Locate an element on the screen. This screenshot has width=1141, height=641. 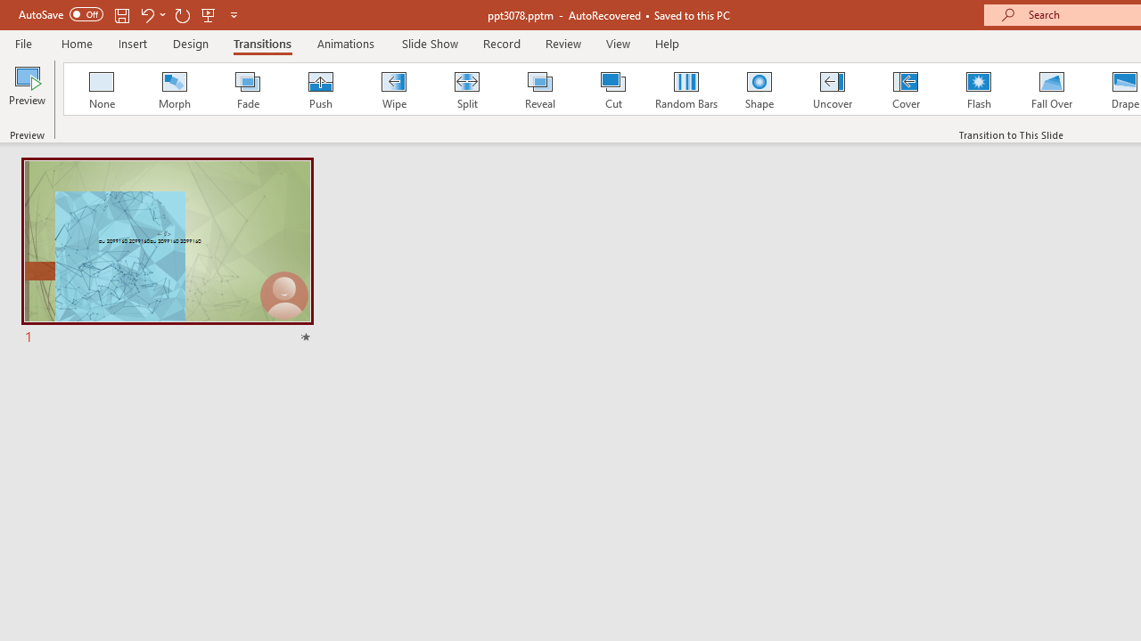
'Reveal' is located at coordinates (538, 89).